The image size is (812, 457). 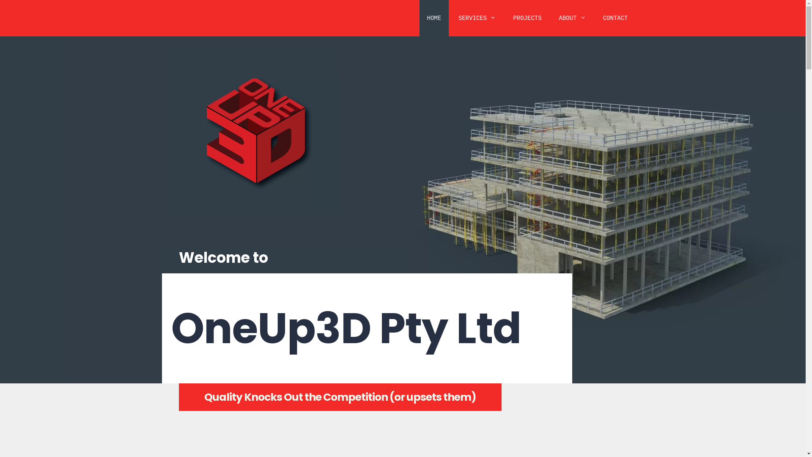 I want to click on 'PROJECTS', so click(x=527, y=18).